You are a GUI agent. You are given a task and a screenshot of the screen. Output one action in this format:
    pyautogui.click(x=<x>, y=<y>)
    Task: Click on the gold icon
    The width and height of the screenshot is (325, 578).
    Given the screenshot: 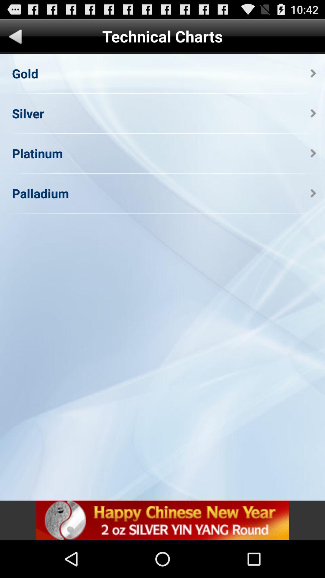 What is the action you would take?
    pyautogui.click(x=25, y=73)
    